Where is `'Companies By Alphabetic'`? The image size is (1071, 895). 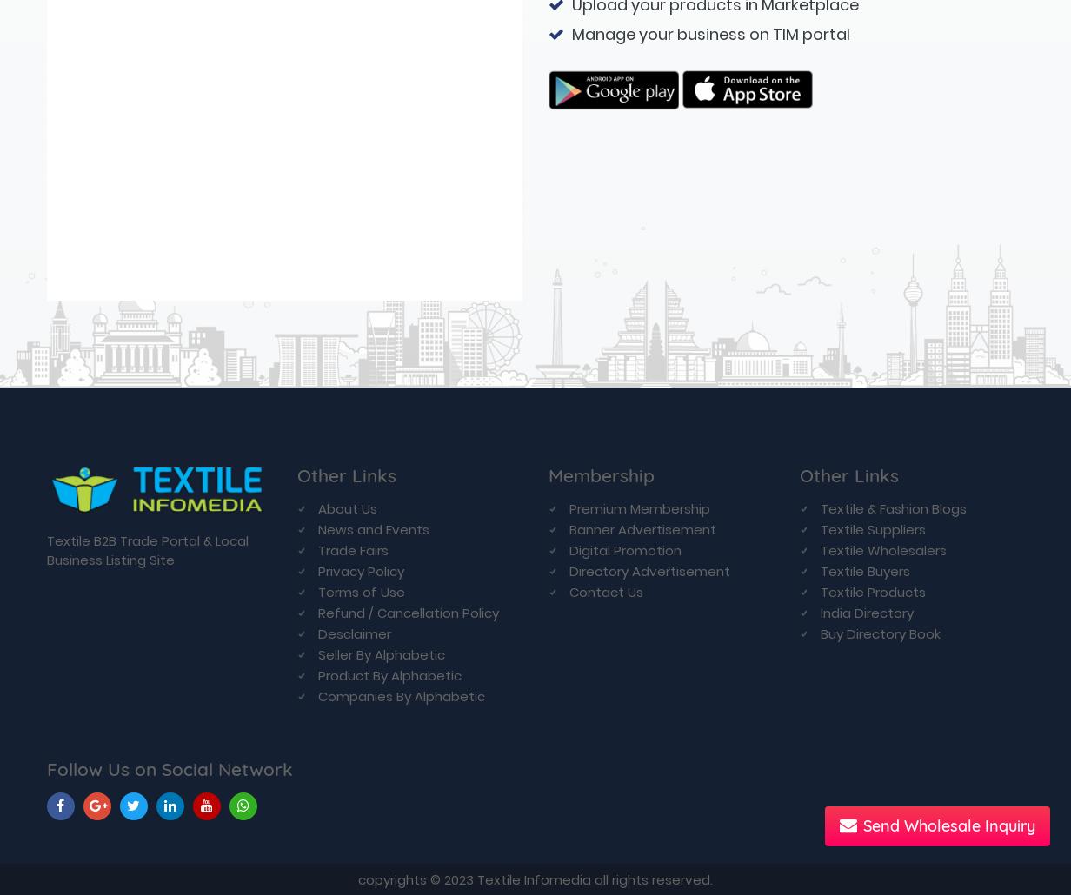
'Companies By Alphabetic' is located at coordinates (402, 154).